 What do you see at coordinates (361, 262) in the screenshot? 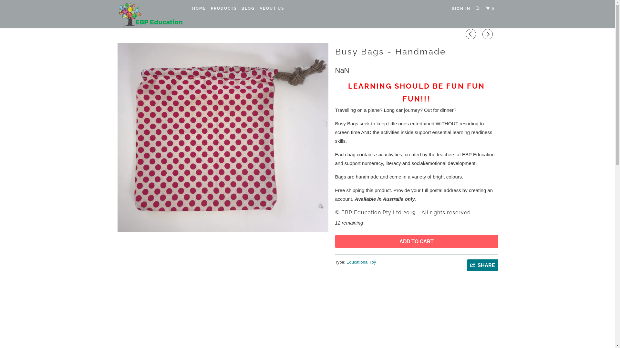
I see `'Educational Toy'` at bounding box center [361, 262].